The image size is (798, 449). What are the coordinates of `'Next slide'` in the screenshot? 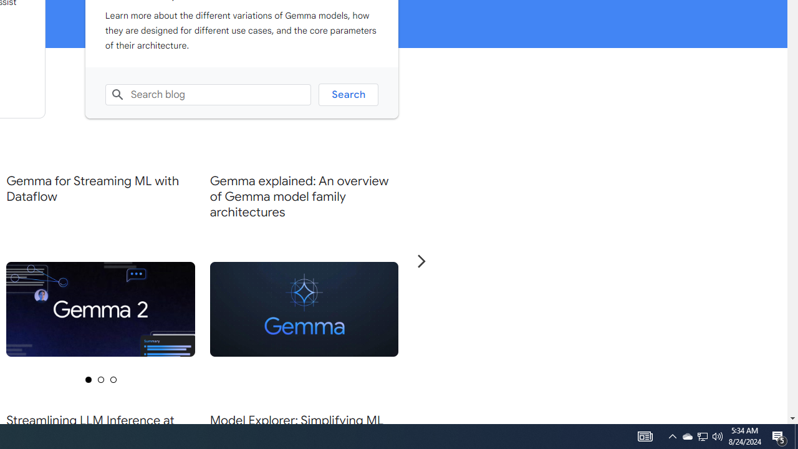 It's located at (421, 260).